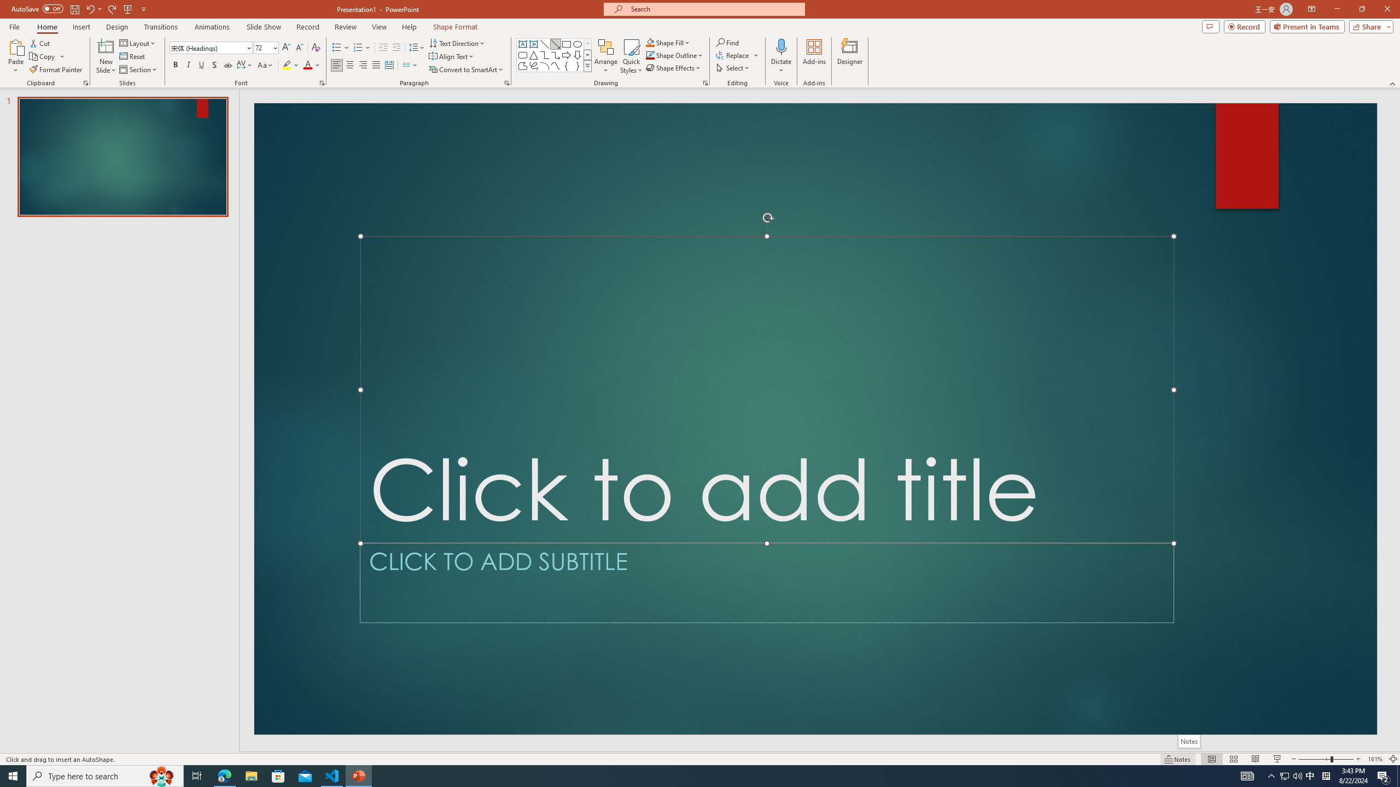  Describe the element at coordinates (767, 583) in the screenshot. I see `'Subtitle TextBox'` at that location.